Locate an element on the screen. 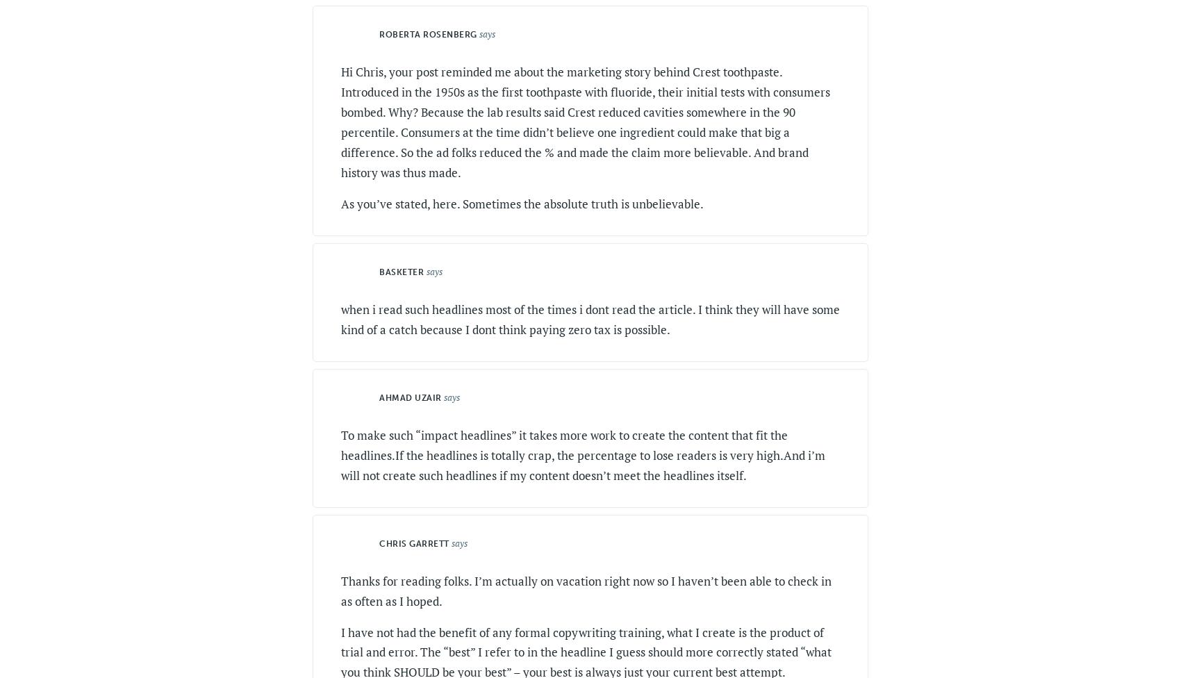 This screenshot has height=678, width=1181. 'Hi Chris, your post reminded me about the marketing story behind Crest toothpaste. Introduced in the 1950s as the first toothpaste with fluoride, their initial tests with consumers bombed. Why? Because the lab results said Crest reduced cavities somewhere in the 90 percentile. Consumers at the time didn’t believe one ingredient could make that big a difference. So the ad folks reduced the % and made the claim more believable. And brand history was thus made.' is located at coordinates (585, 121).